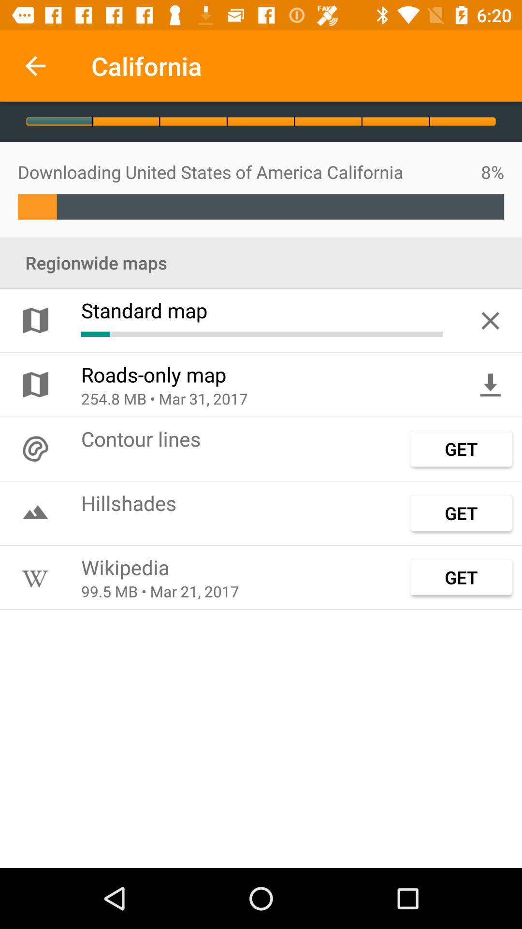 The image size is (522, 929). Describe the element at coordinates (490, 384) in the screenshot. I see `the download icon` at that location.